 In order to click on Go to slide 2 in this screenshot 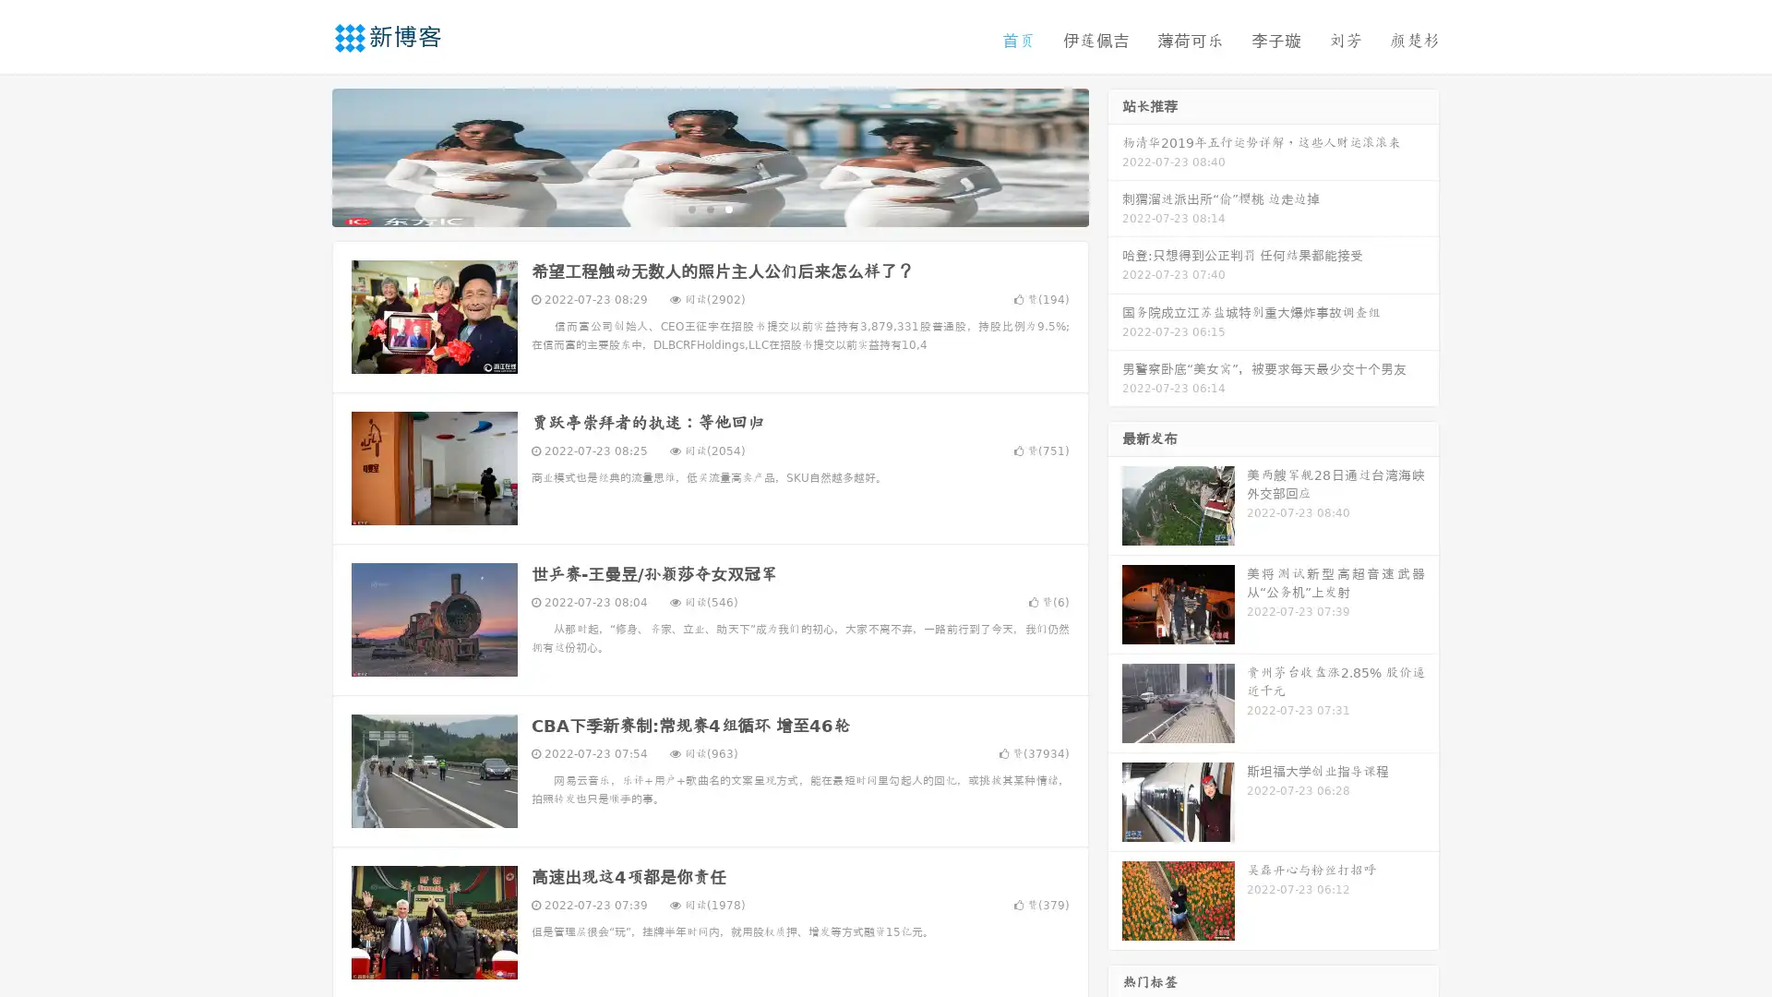, I will do `click(709, 208)`.